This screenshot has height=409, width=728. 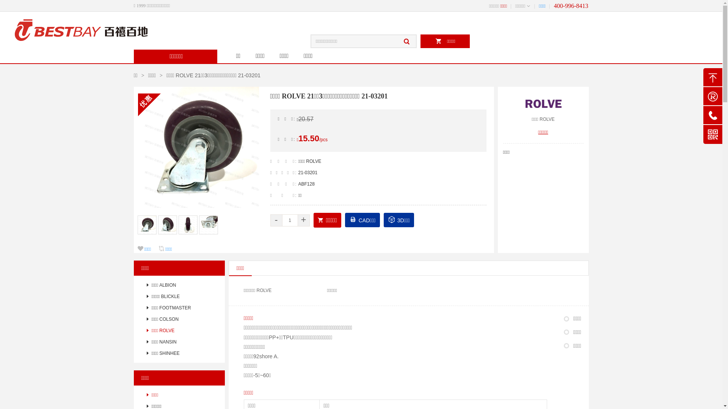 What do you see at coordinates (276, 220) in the screenshot?
I see `'-'` at bounding box center [276, 220].